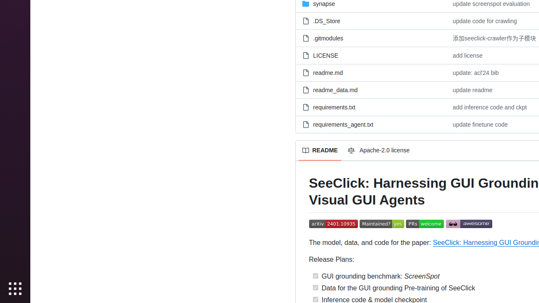  What do you see at coordinates (485, 20) in the screenshot?
I see `'update code for crawling'` at bounding box center [485, 20].